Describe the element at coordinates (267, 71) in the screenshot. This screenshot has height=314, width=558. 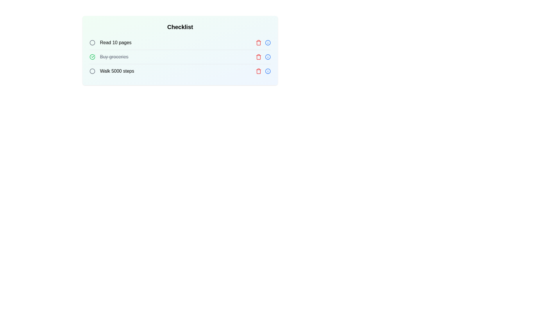
I see `'Item Info' button for the item labeled 'Walk 5000 steps'` at that location.